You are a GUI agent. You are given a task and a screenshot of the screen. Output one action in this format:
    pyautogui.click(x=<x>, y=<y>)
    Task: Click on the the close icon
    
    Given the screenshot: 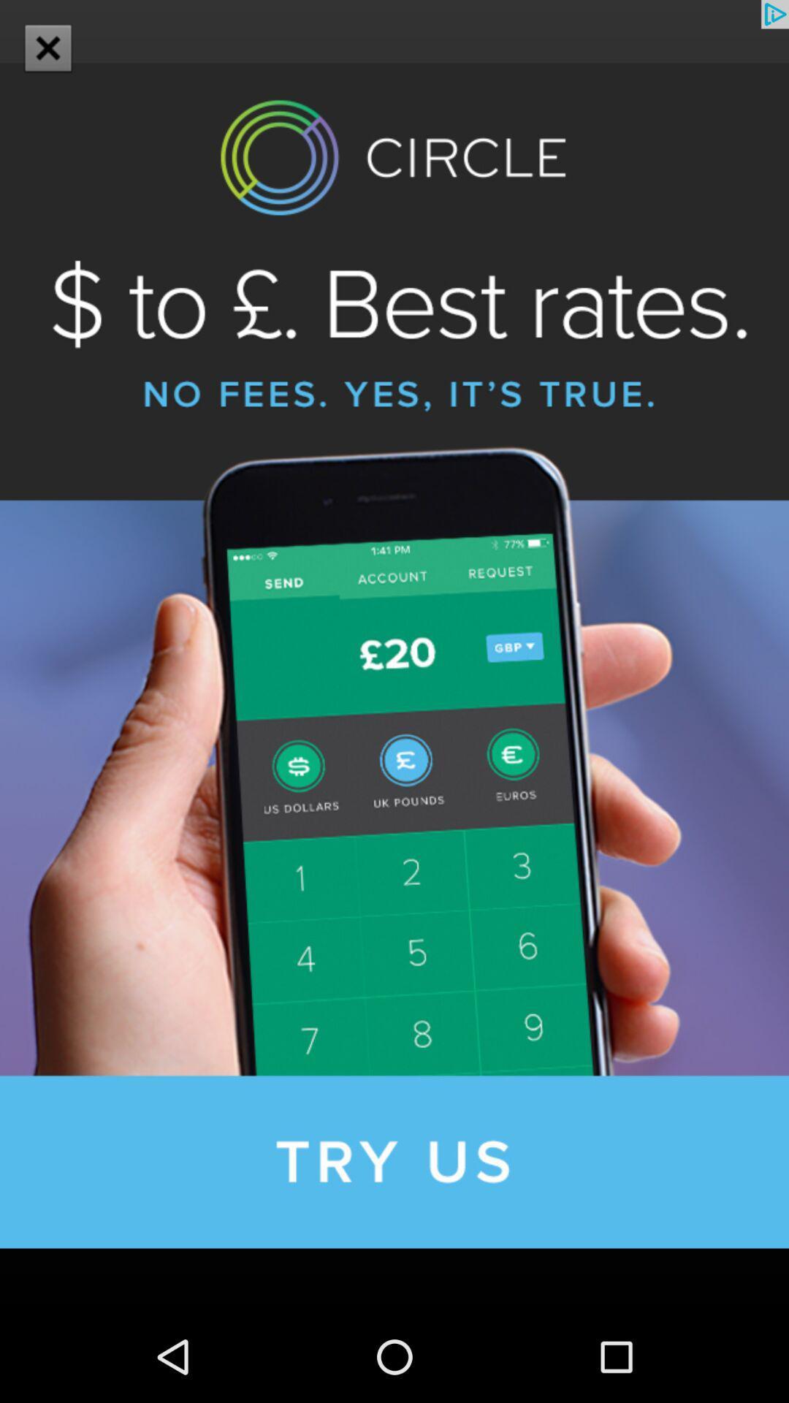 What is the action you would take?
    pyautogui.click(x=47, y=51)
    